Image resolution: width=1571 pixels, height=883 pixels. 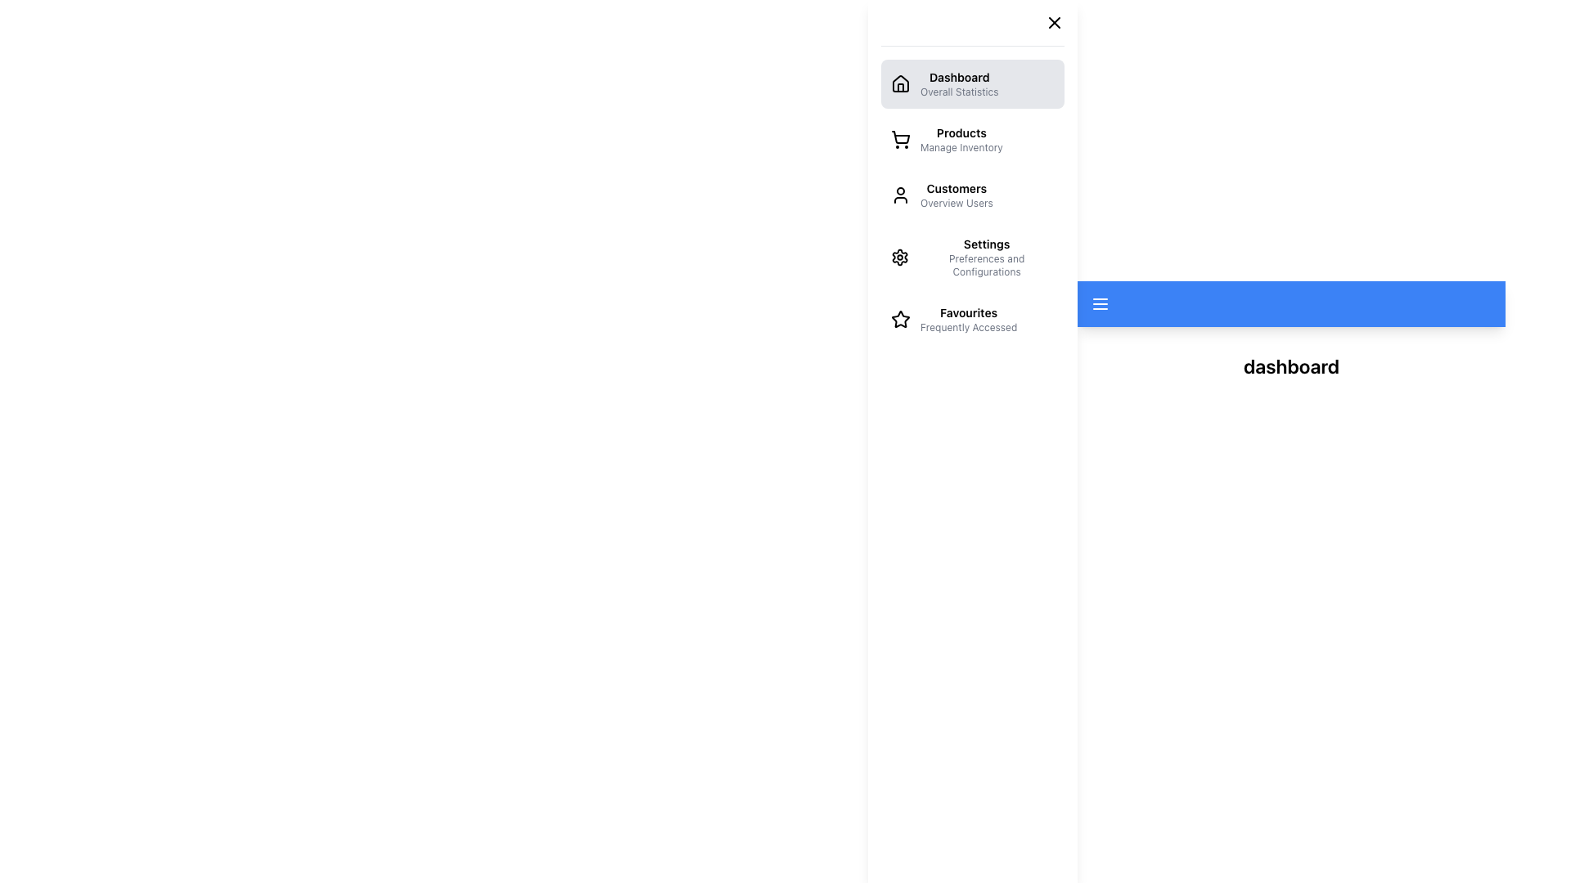 I want to click on the house icon in the navigation sidebar, so click(x=899, y=83).